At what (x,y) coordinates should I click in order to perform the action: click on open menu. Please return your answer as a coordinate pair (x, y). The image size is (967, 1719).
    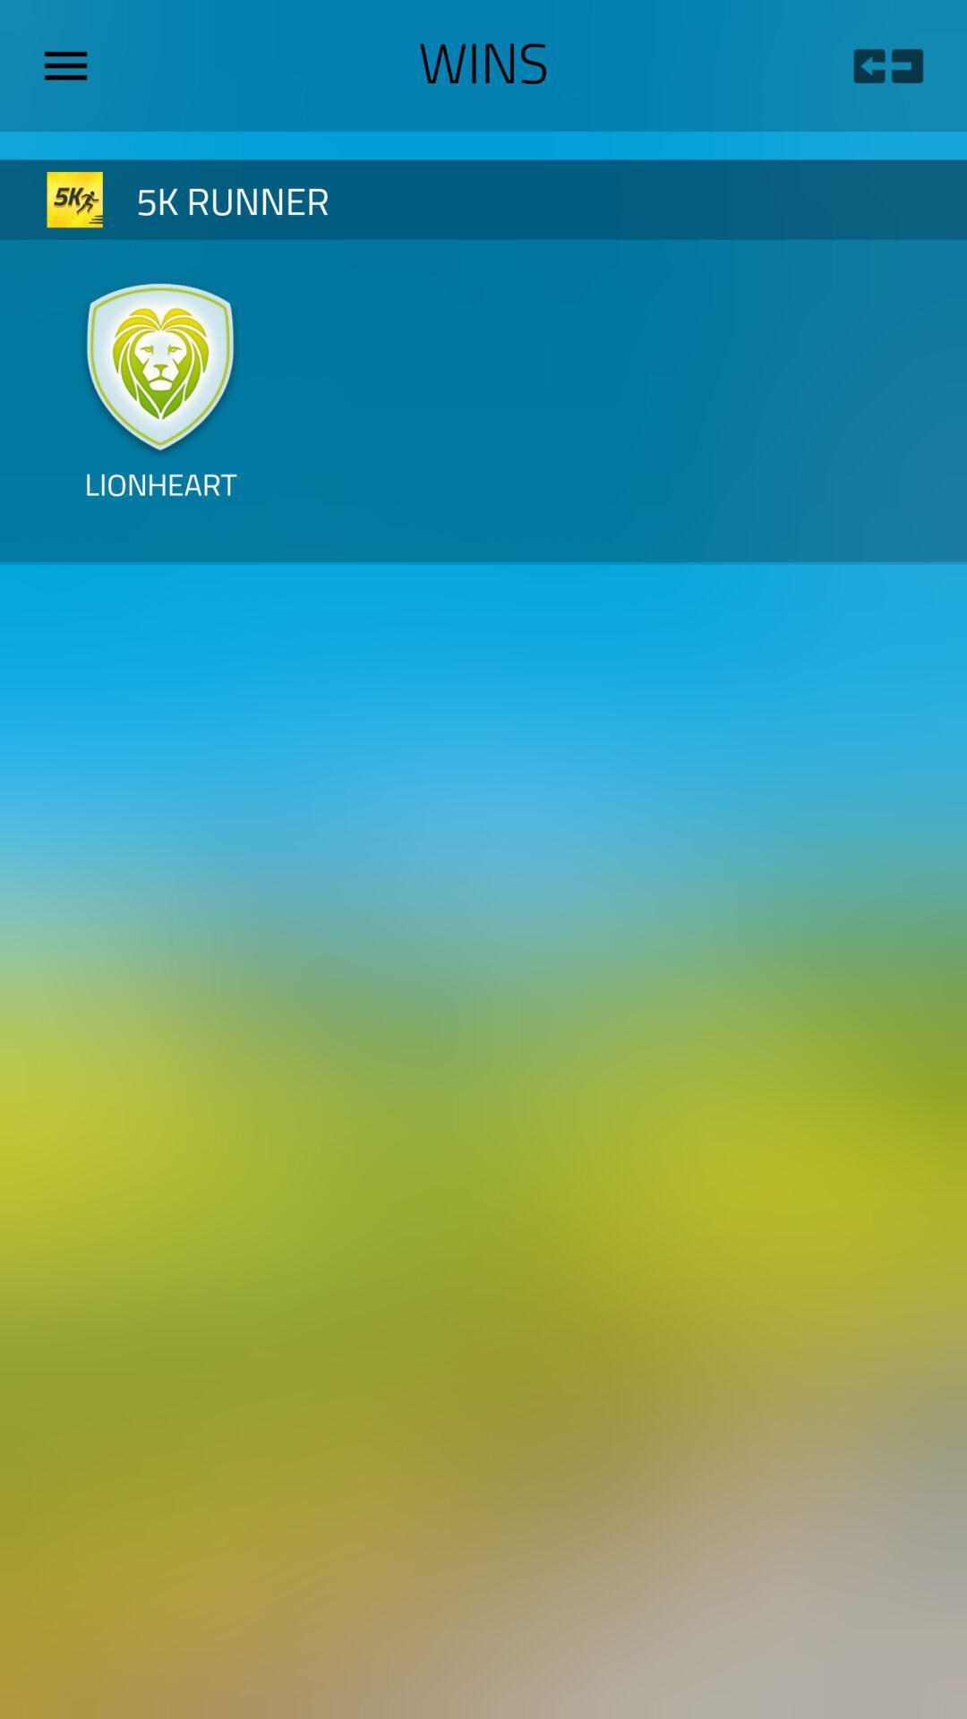
    Looking at the image, I should click on (72, 65).